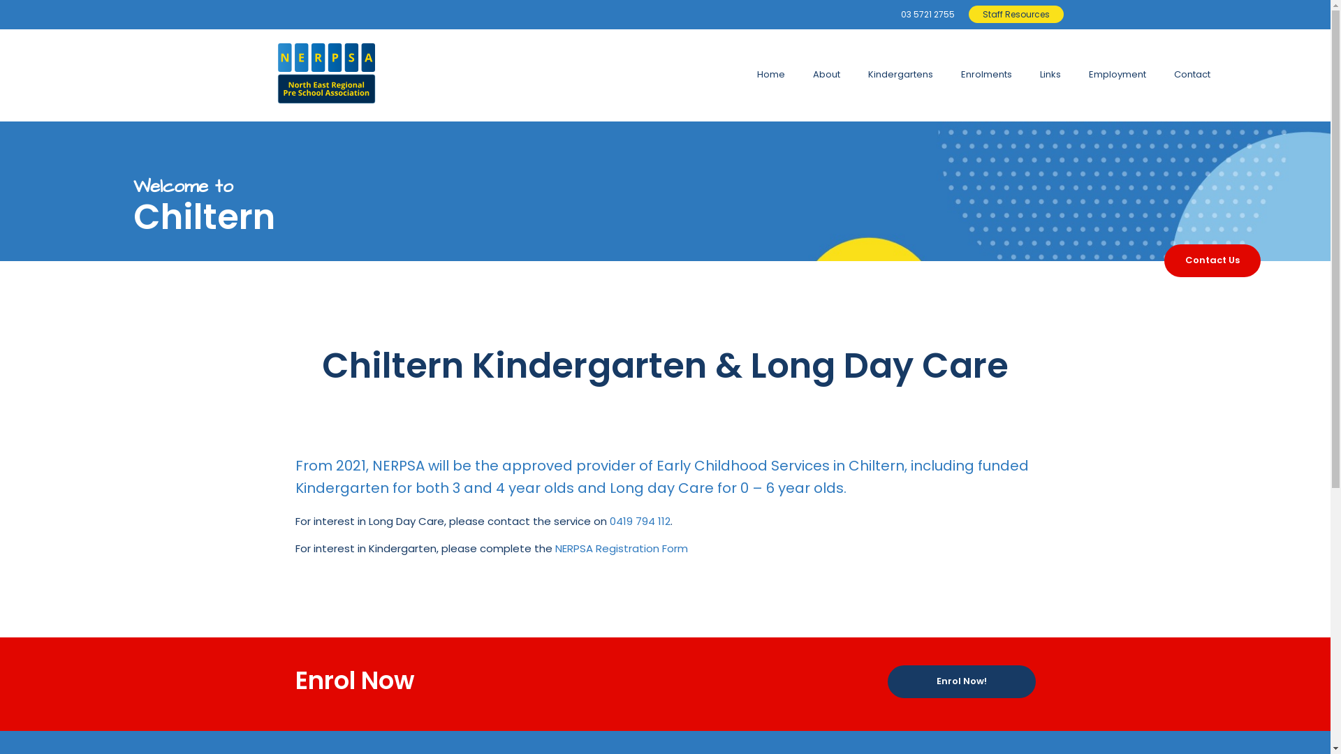  What do you see at coordinates (853, 74) in the screenshot?
I see `'Kindergartens'` at bounding box center [853, 74].